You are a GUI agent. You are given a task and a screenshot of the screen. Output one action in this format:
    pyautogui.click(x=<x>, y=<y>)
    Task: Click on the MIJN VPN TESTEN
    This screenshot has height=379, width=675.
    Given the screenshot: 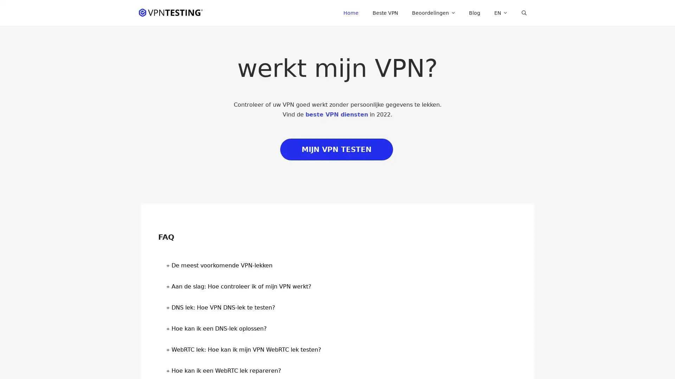 What is the action you would take?
    pyautogui.click(x=336, y=148)
    